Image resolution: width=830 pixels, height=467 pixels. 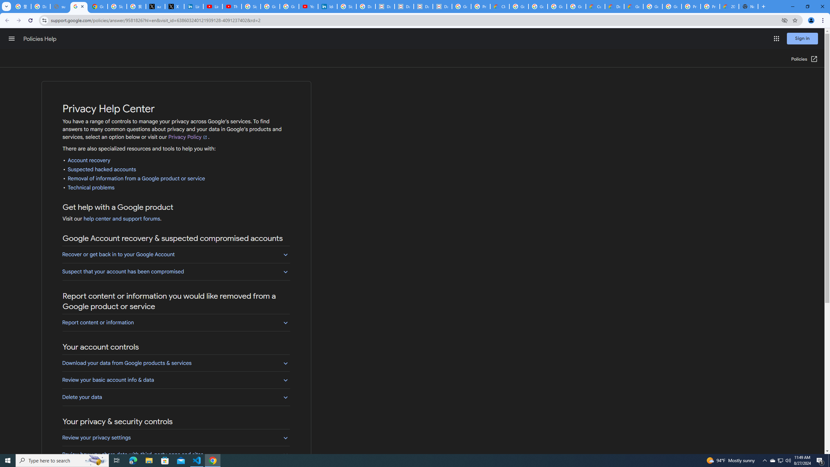 What do you see at coordinates (176, 454) in the screenshot?
I see `'Review how you share data with third-party apps and sites'` at bounding box center [176, 454].